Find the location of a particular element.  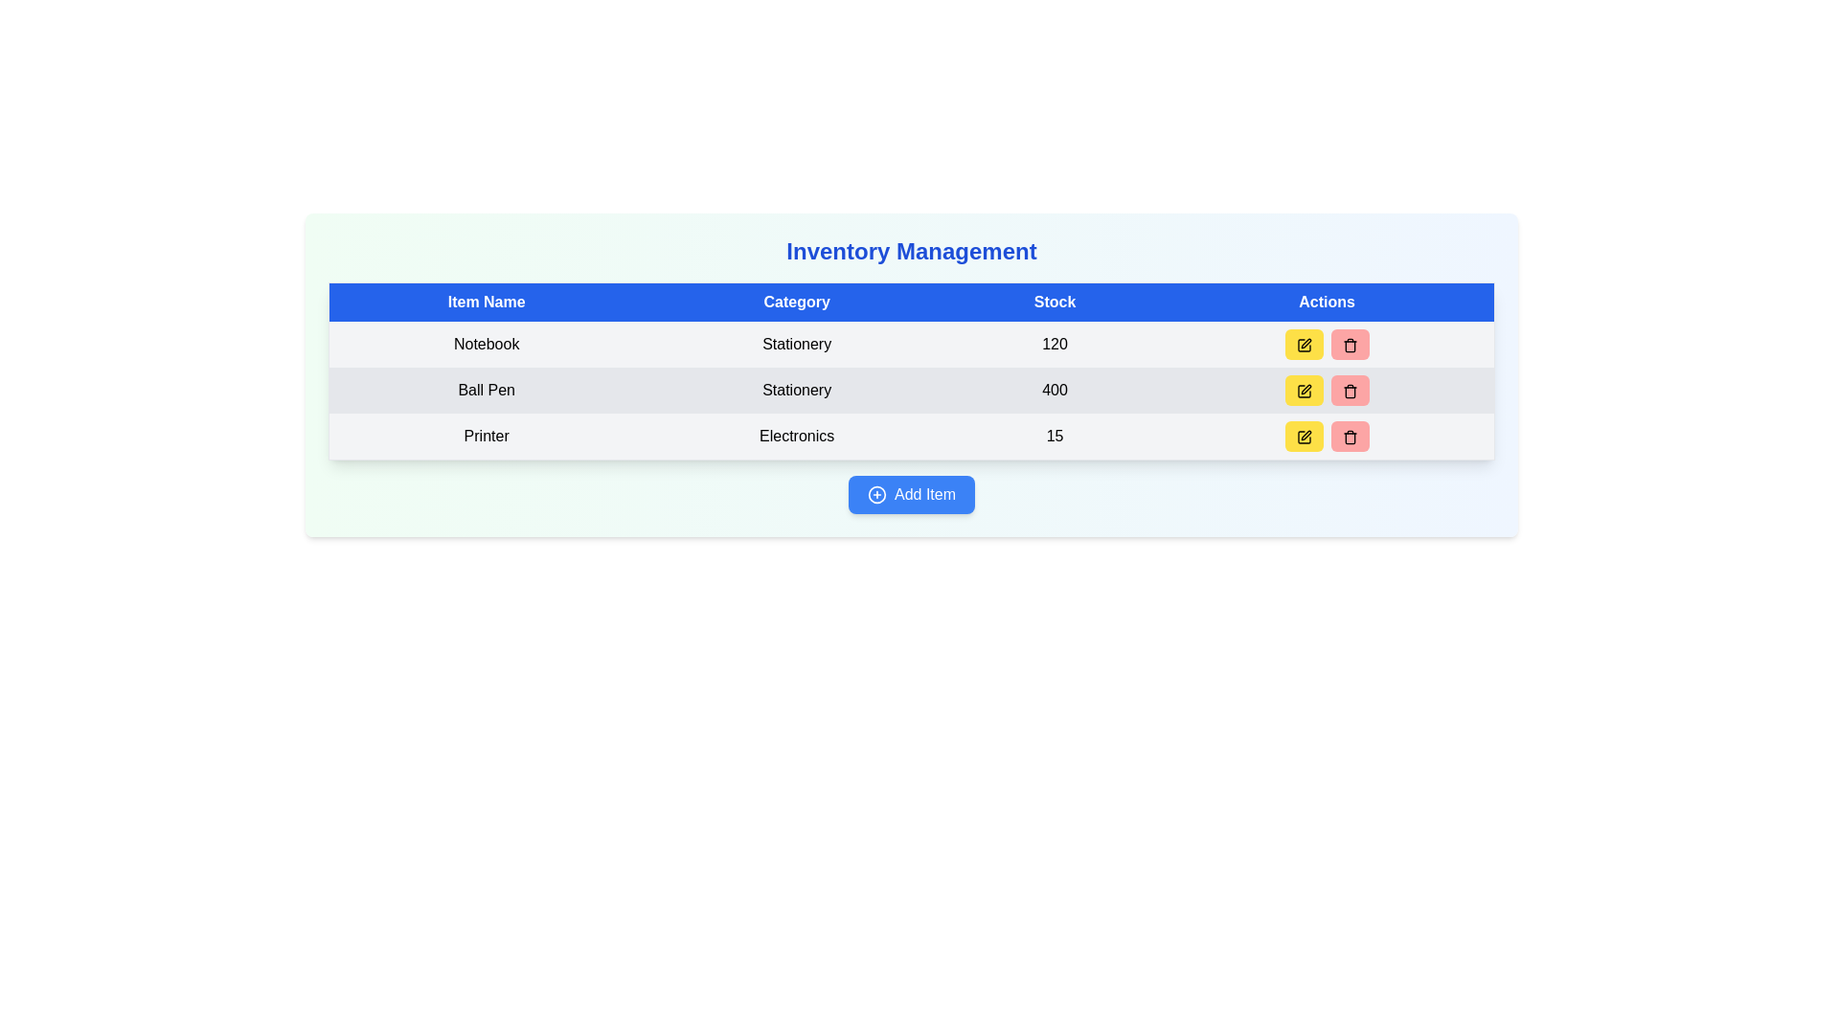

the edit icon button located in the Actions column for the 'Ball Pen' item, which has a yellow background and is positioned to the left of the red delete button is located at coordinates (1303, 390).